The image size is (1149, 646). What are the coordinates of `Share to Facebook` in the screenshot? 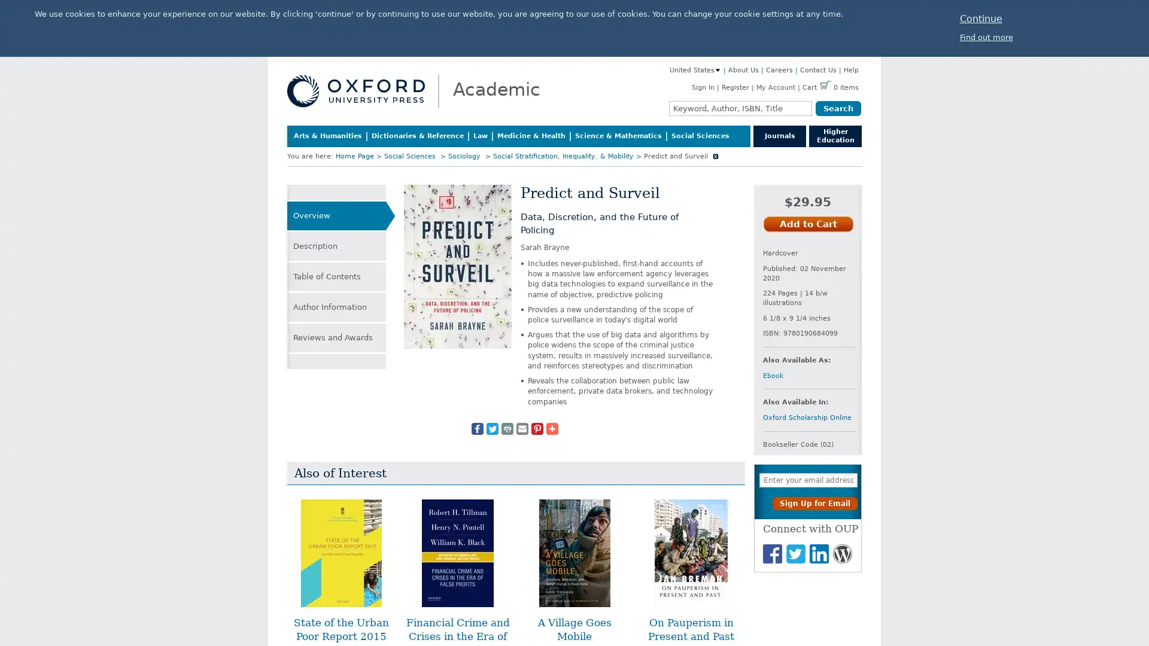 It's located at (476, 428).